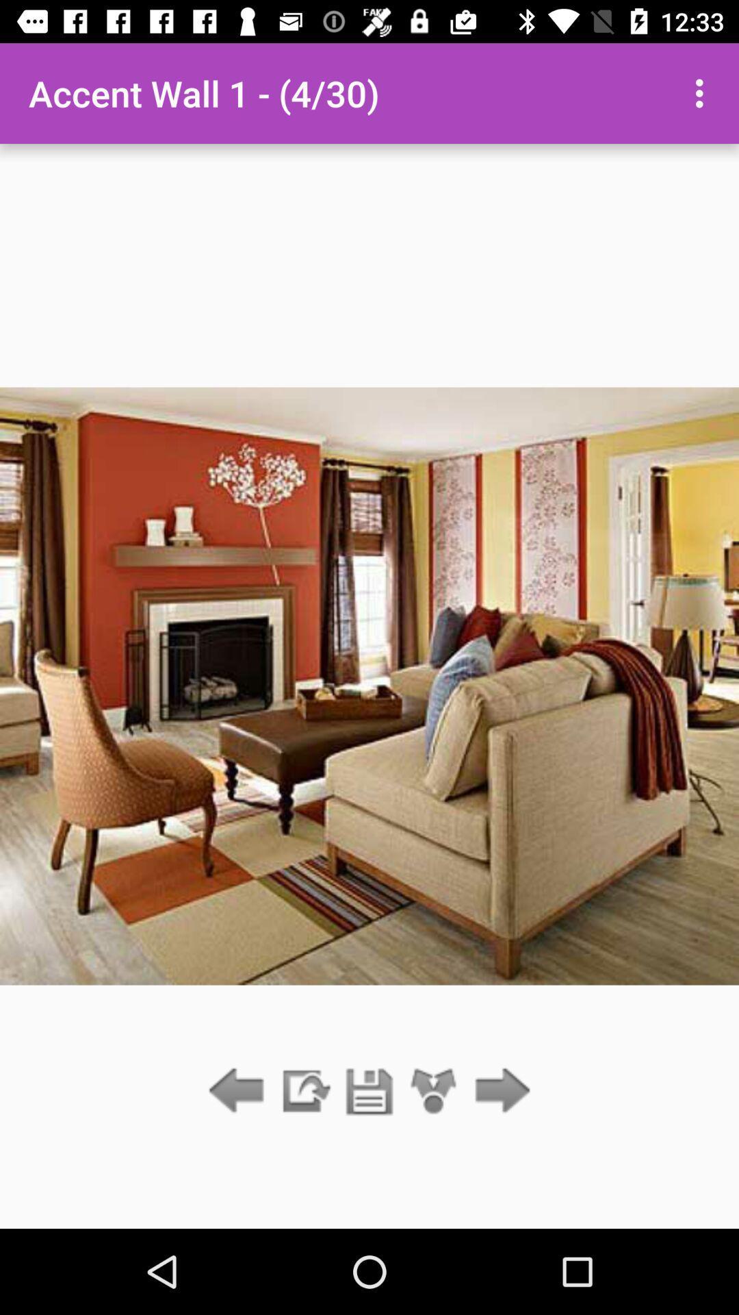  Describe the element at coordinates (369, 1091) in the screenshot. I see `image` at that location.